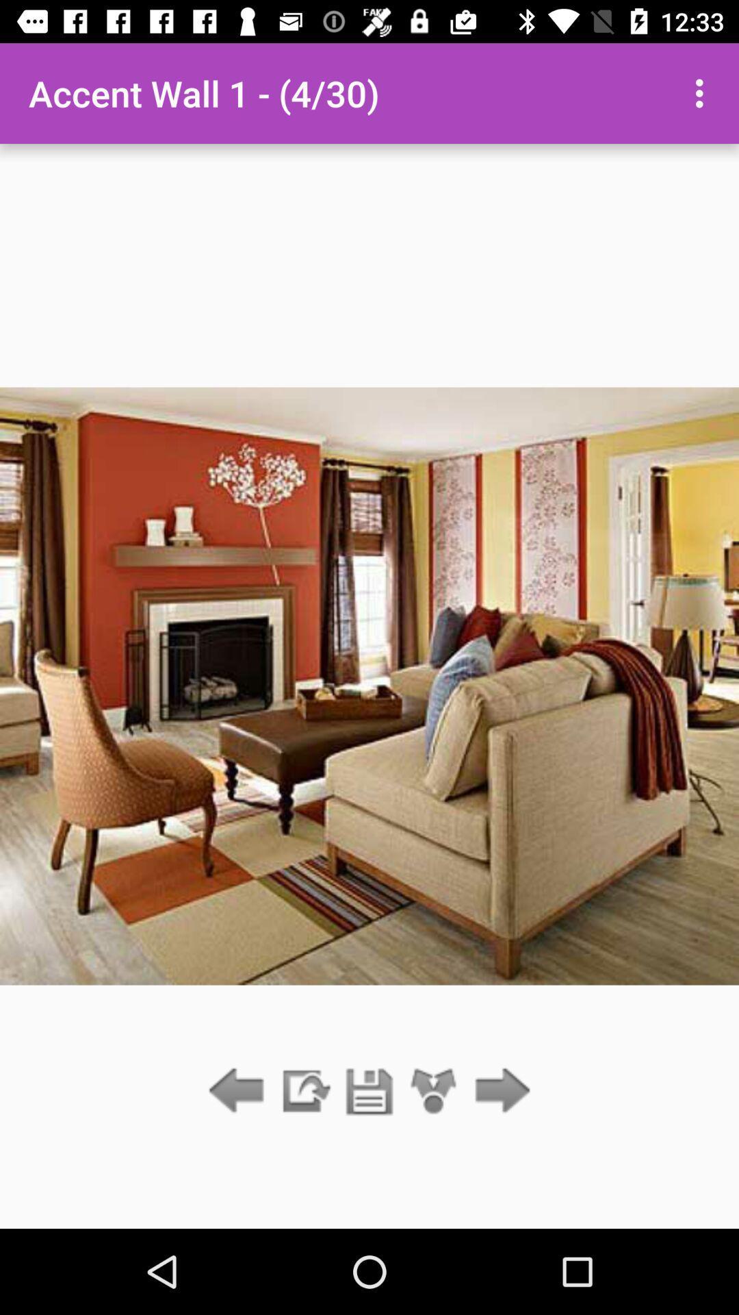  Describe the element at coordinates (369, 1091) in the screenshot. I see `image` at that location.